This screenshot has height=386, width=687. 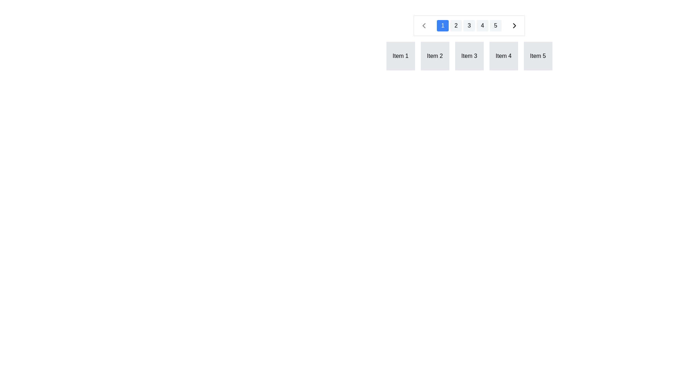 I want to click on the rightward-pointing chevron navigation icon located in the pagination control, so click(x=514, y=25).